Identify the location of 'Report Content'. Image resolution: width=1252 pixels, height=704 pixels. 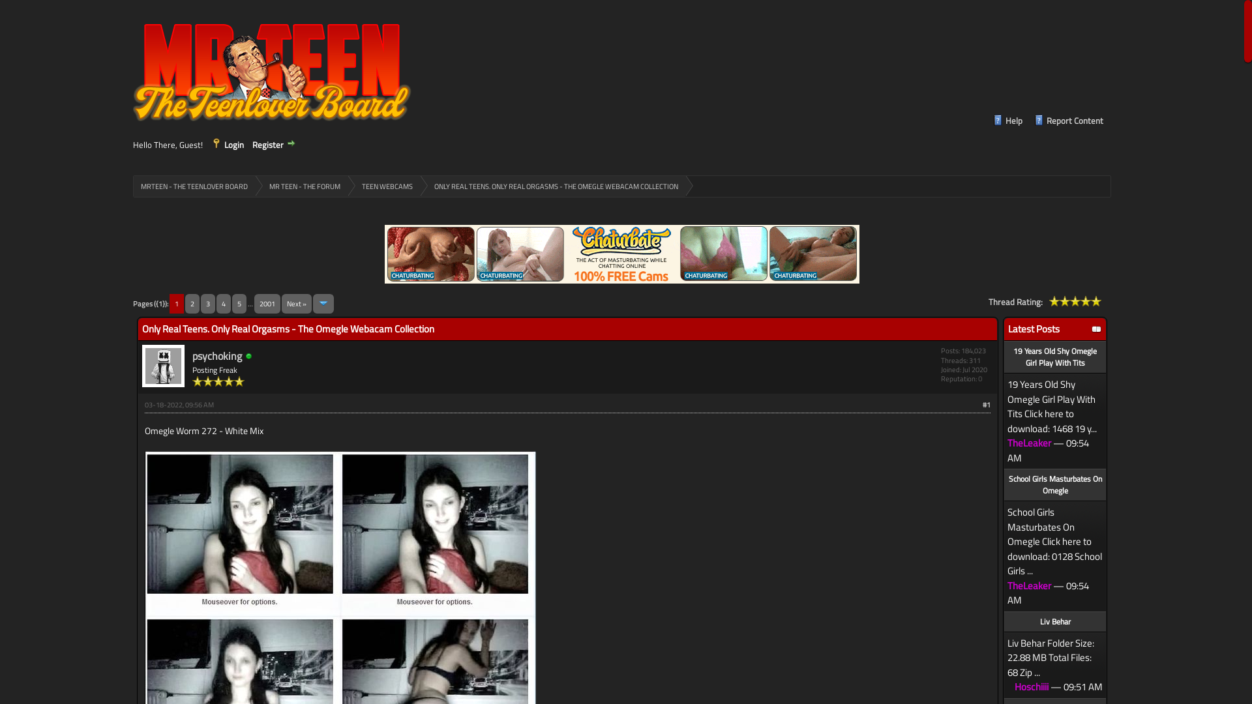
(1032, 121).